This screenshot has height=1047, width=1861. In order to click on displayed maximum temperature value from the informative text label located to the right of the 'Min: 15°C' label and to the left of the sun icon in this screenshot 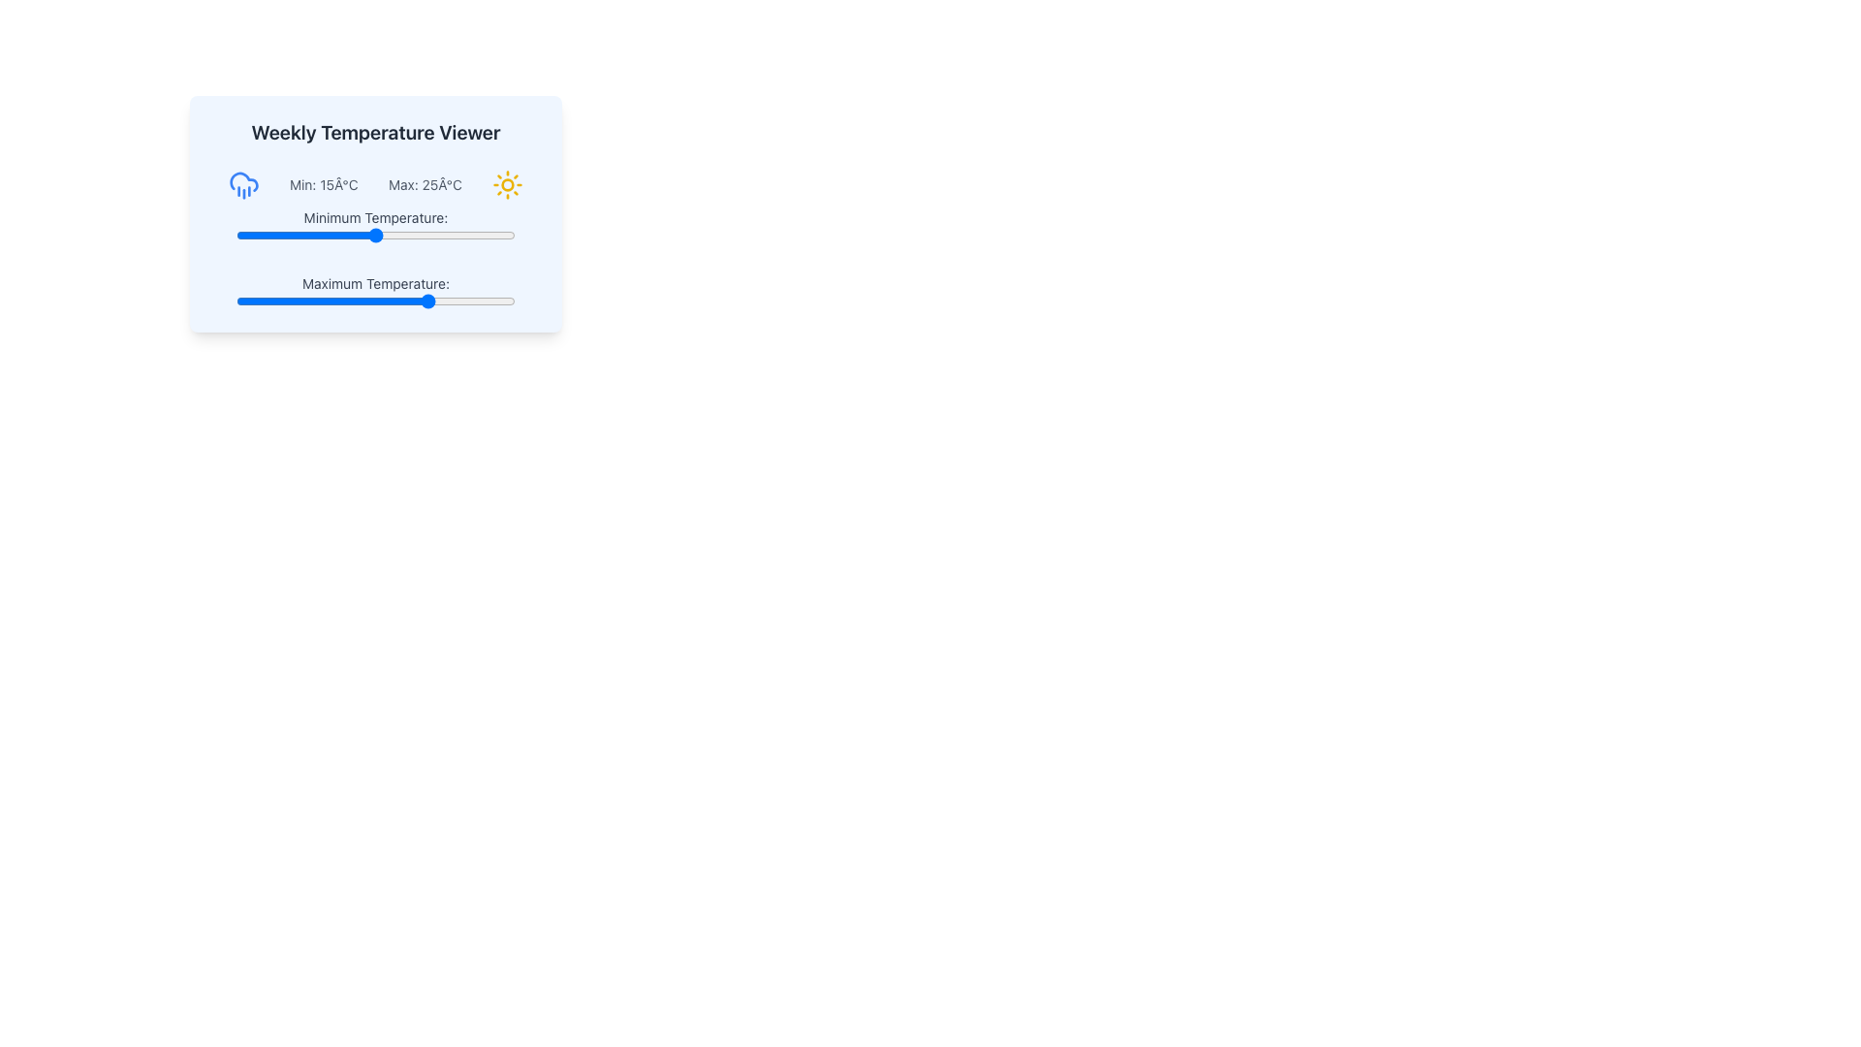, I will do `click(424, 185)`.